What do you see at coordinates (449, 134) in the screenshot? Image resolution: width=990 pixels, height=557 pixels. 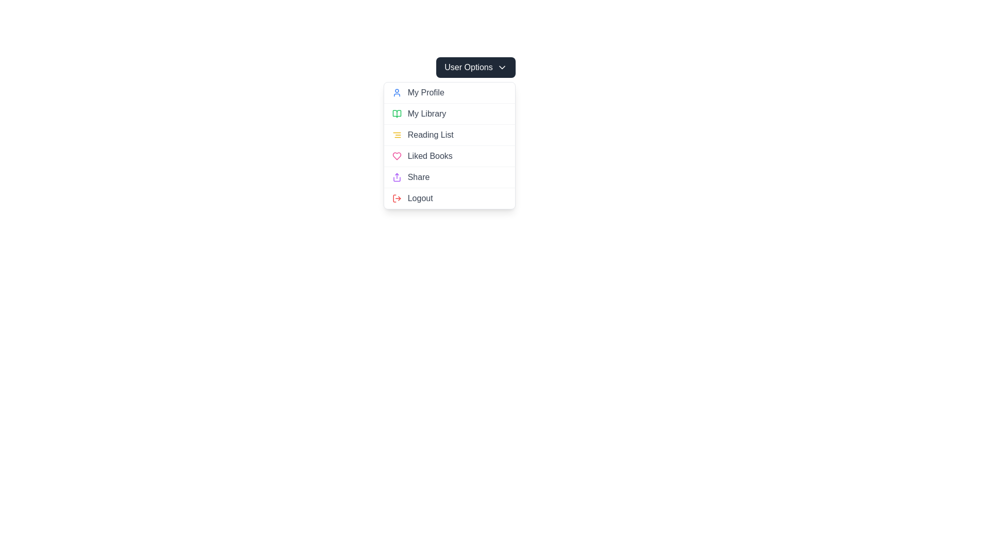 I see `the 'Reading List' menu item, which is the third item in the vertical menu under 'User Options'` at bounding box center [449, 134].